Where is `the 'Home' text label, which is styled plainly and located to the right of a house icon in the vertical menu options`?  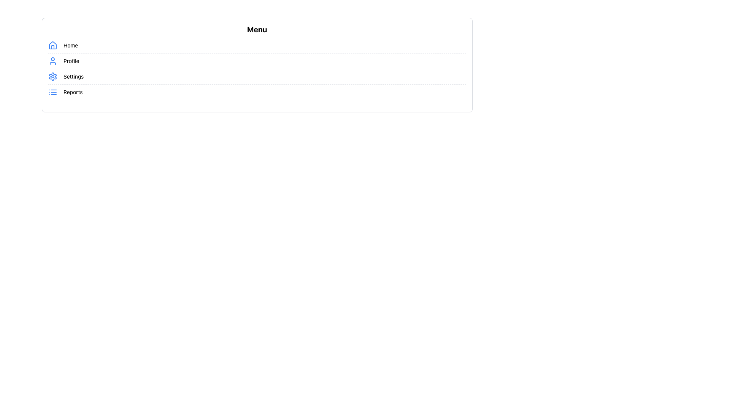 the 'Home' text label, which is styled plainly and located to the right of a house icon in the vertical menu options is located at coordinates (71, 45).